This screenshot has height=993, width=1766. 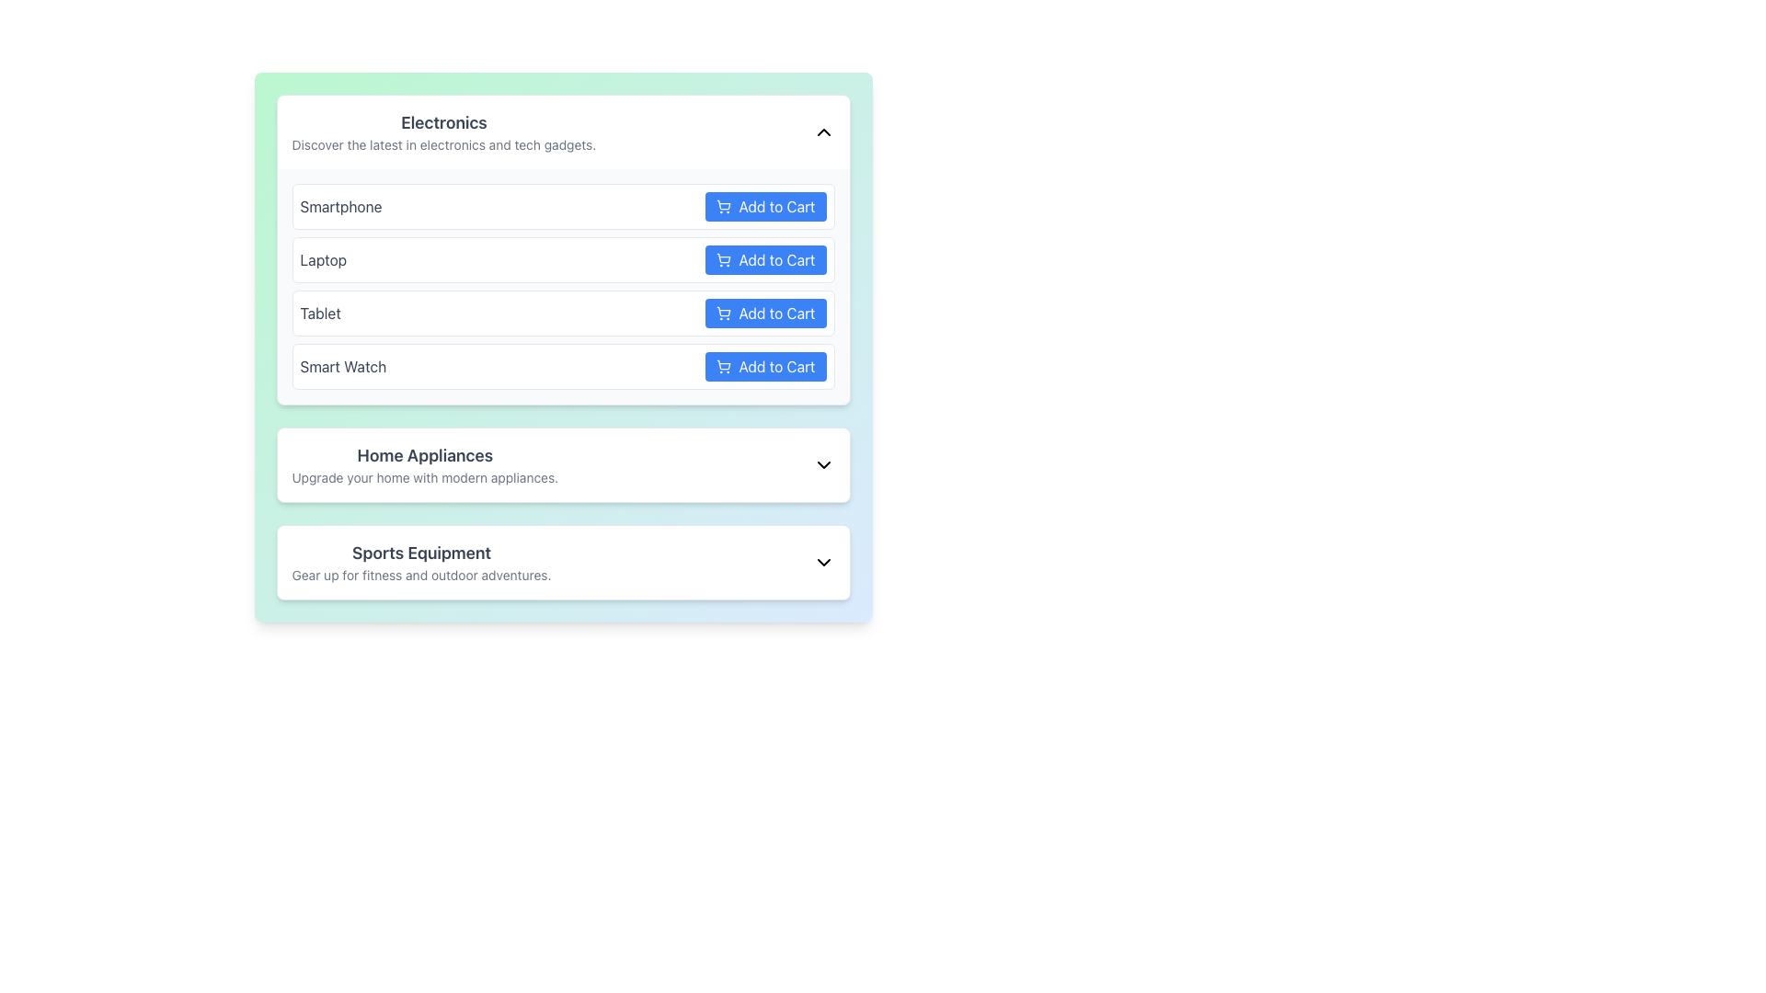 What do you see at coordinates (323, 259) in the screenshot?
I see `the 'Laptop' text label, which is styled in gray and located to the left of the 'Add to Cart' button in the Electronics category` at bounding box center [323, 259].